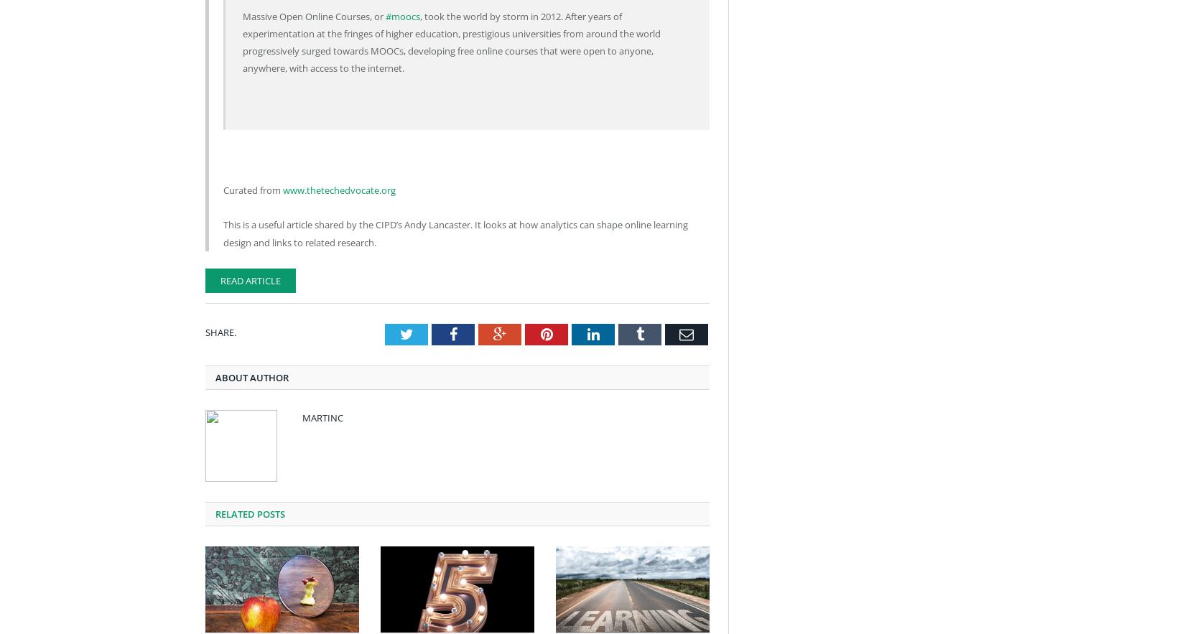 This screenshot has width=1185, height=634. Describe the element at coordinates (450, 41) in the screenshot. I see `', took the world by storm in 2012. After years of experimentation at the fringes of higher education, prestigious universities from around the world progressively surged towards MOOCs, developing free online courses that were open to anyone, anywhere, with access to the internet.'` at that location.